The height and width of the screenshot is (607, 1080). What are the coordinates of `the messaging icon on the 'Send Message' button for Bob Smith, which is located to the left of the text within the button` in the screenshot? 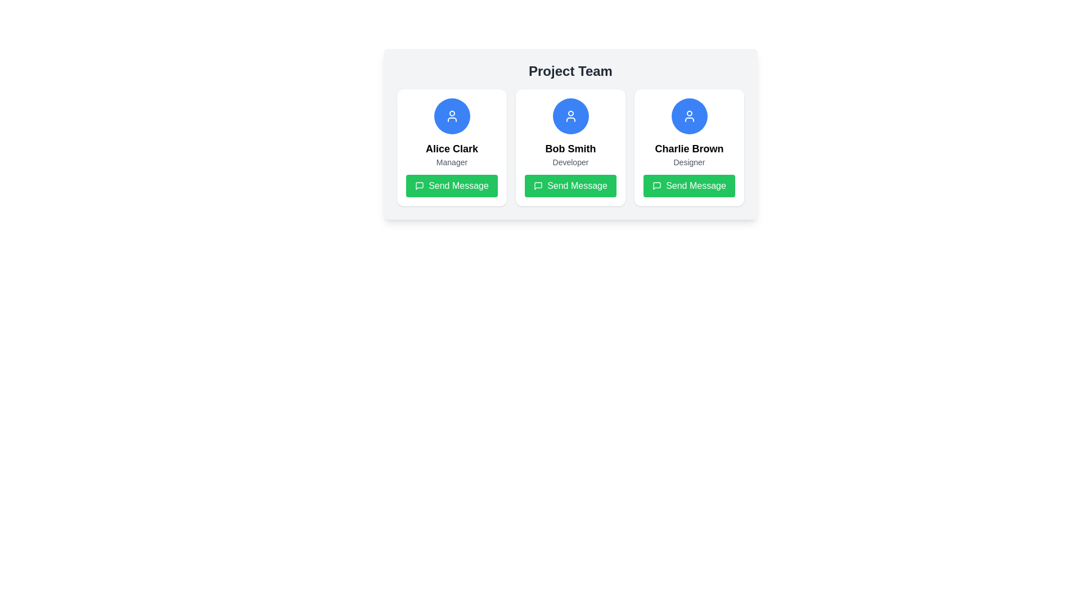 It's located at (538, 185).